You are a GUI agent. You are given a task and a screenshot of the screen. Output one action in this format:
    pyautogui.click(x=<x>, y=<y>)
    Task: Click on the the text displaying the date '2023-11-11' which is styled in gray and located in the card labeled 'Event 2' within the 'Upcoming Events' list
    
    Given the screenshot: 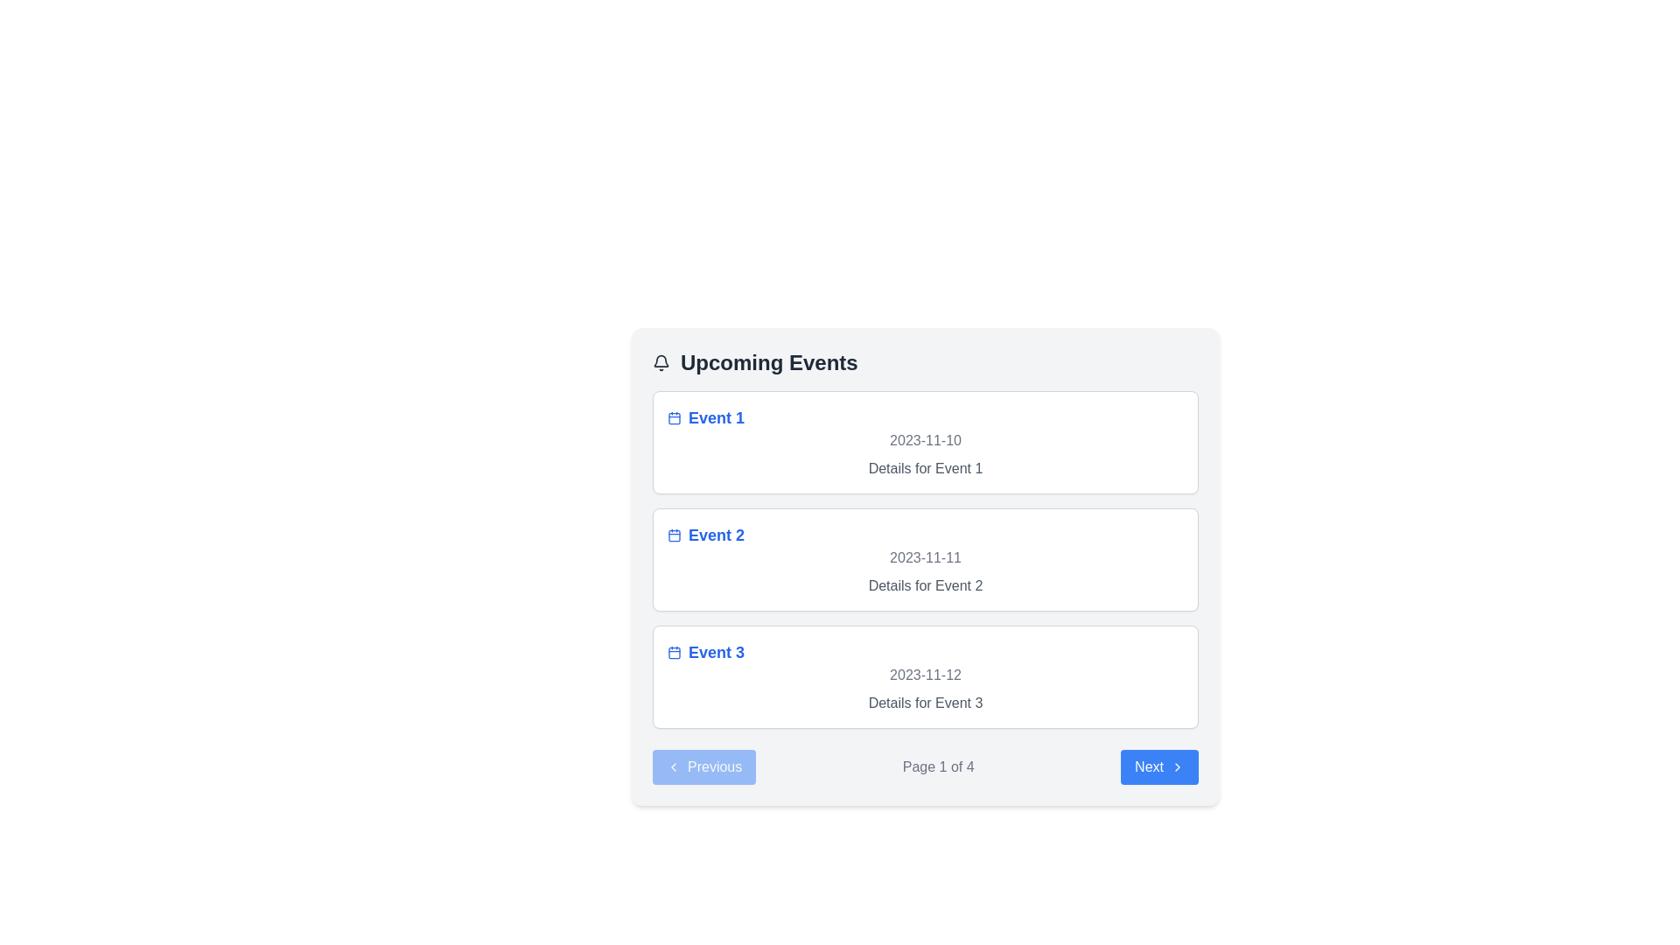 What is the action you would take?
    pyautogui.click(x=924, y=557)
    